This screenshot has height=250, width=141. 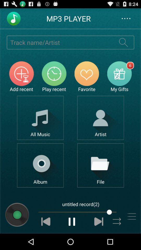 I want to click on next, so click(x=99, y=221).